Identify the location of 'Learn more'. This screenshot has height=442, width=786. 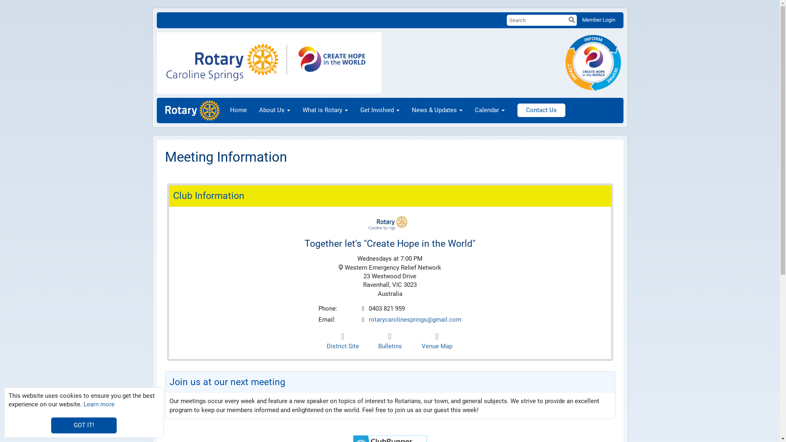
(83, 404).